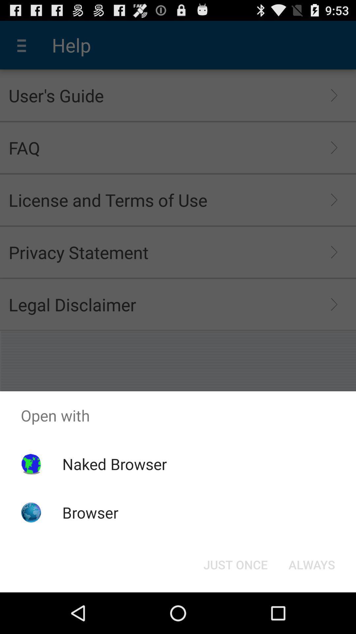 Image resolution: width=356 pixels, height=634 pixels. I want to click on icon below open with item, so click(235, 564).